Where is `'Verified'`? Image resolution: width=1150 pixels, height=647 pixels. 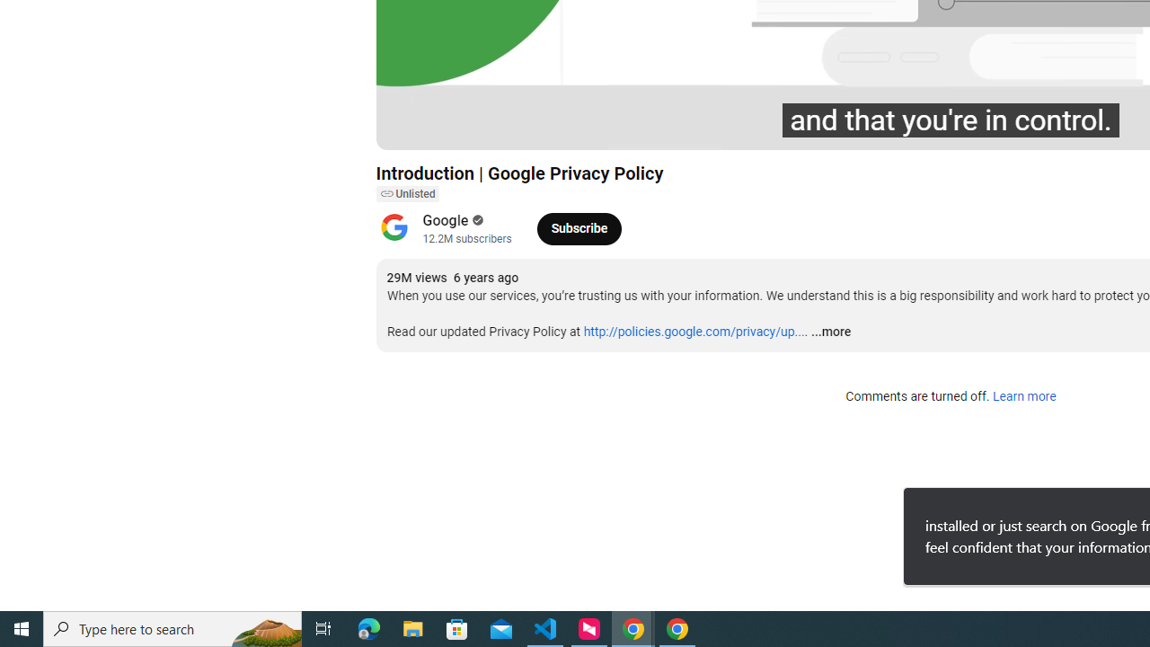 'Verified' is located at coordinates (476, 219).